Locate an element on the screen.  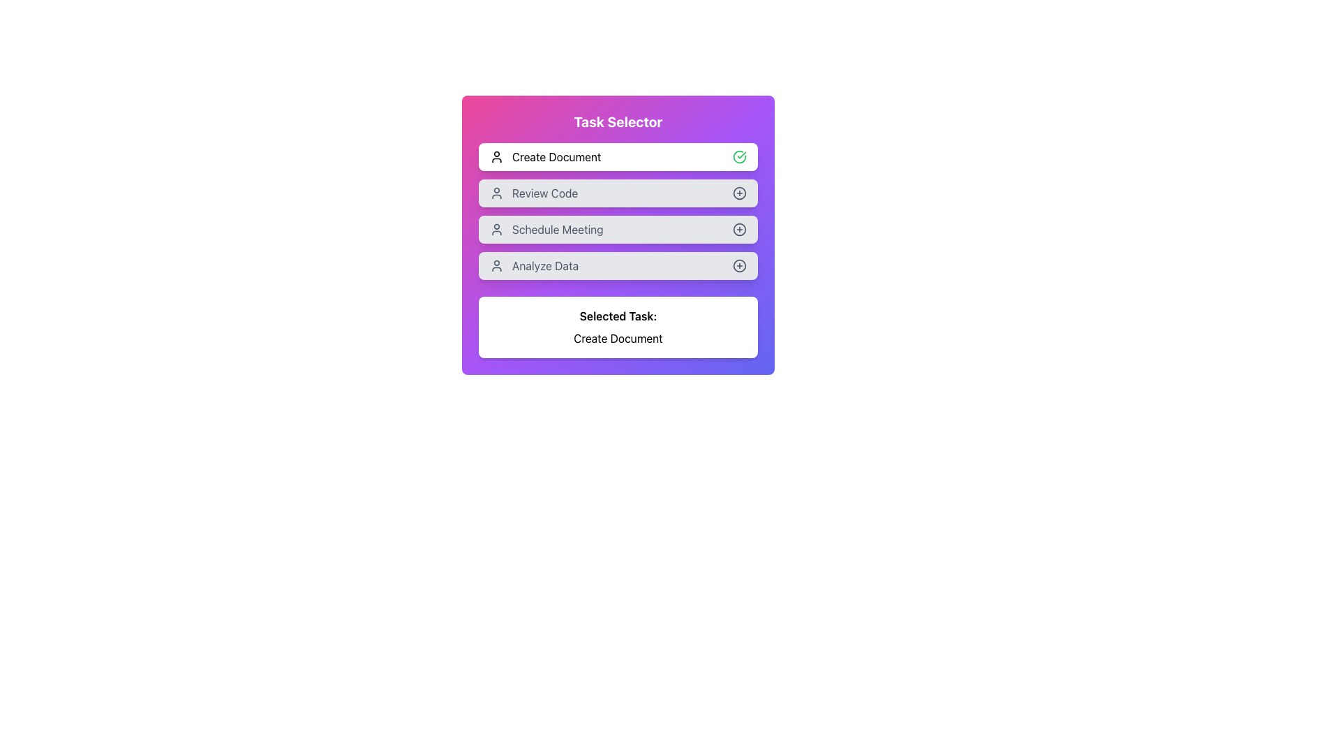
the 'Review Code' button, which features gray text and a user figure icon, located in the Task Selector modal is located at coordinates (533, 193).